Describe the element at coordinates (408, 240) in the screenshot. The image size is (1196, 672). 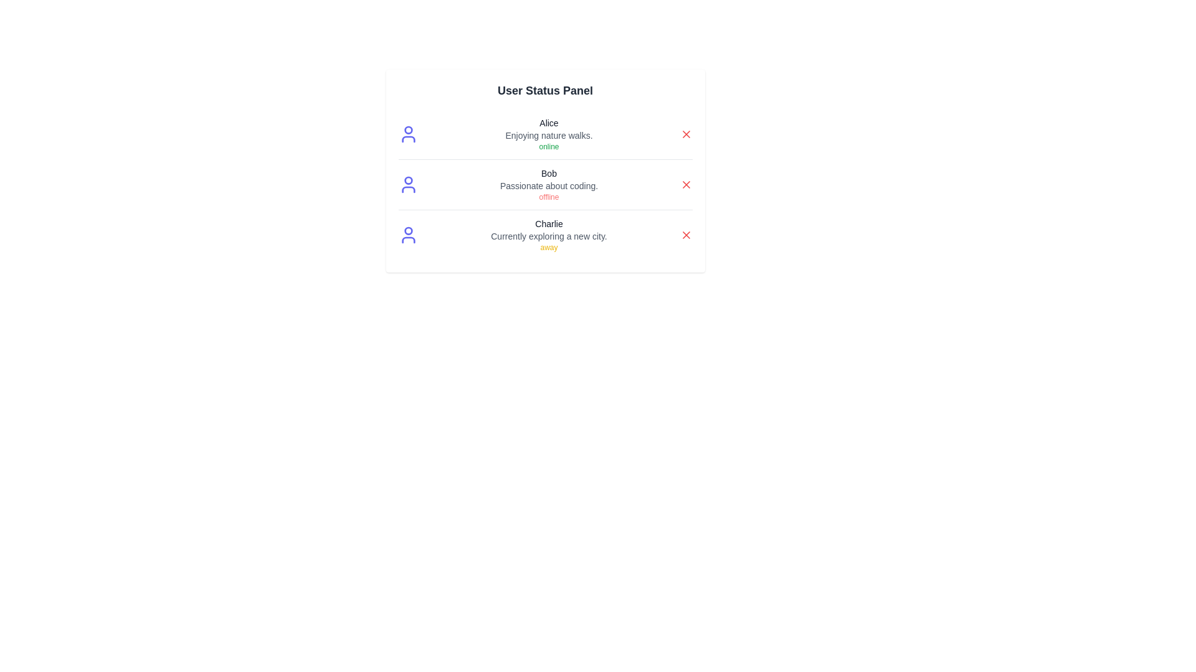
I see `the lower torso portion of the user icon in bluish-indigo color for the third entry in the list, which is aligned left to the text 'Charlie Currently exploring a new city.'` at that location.